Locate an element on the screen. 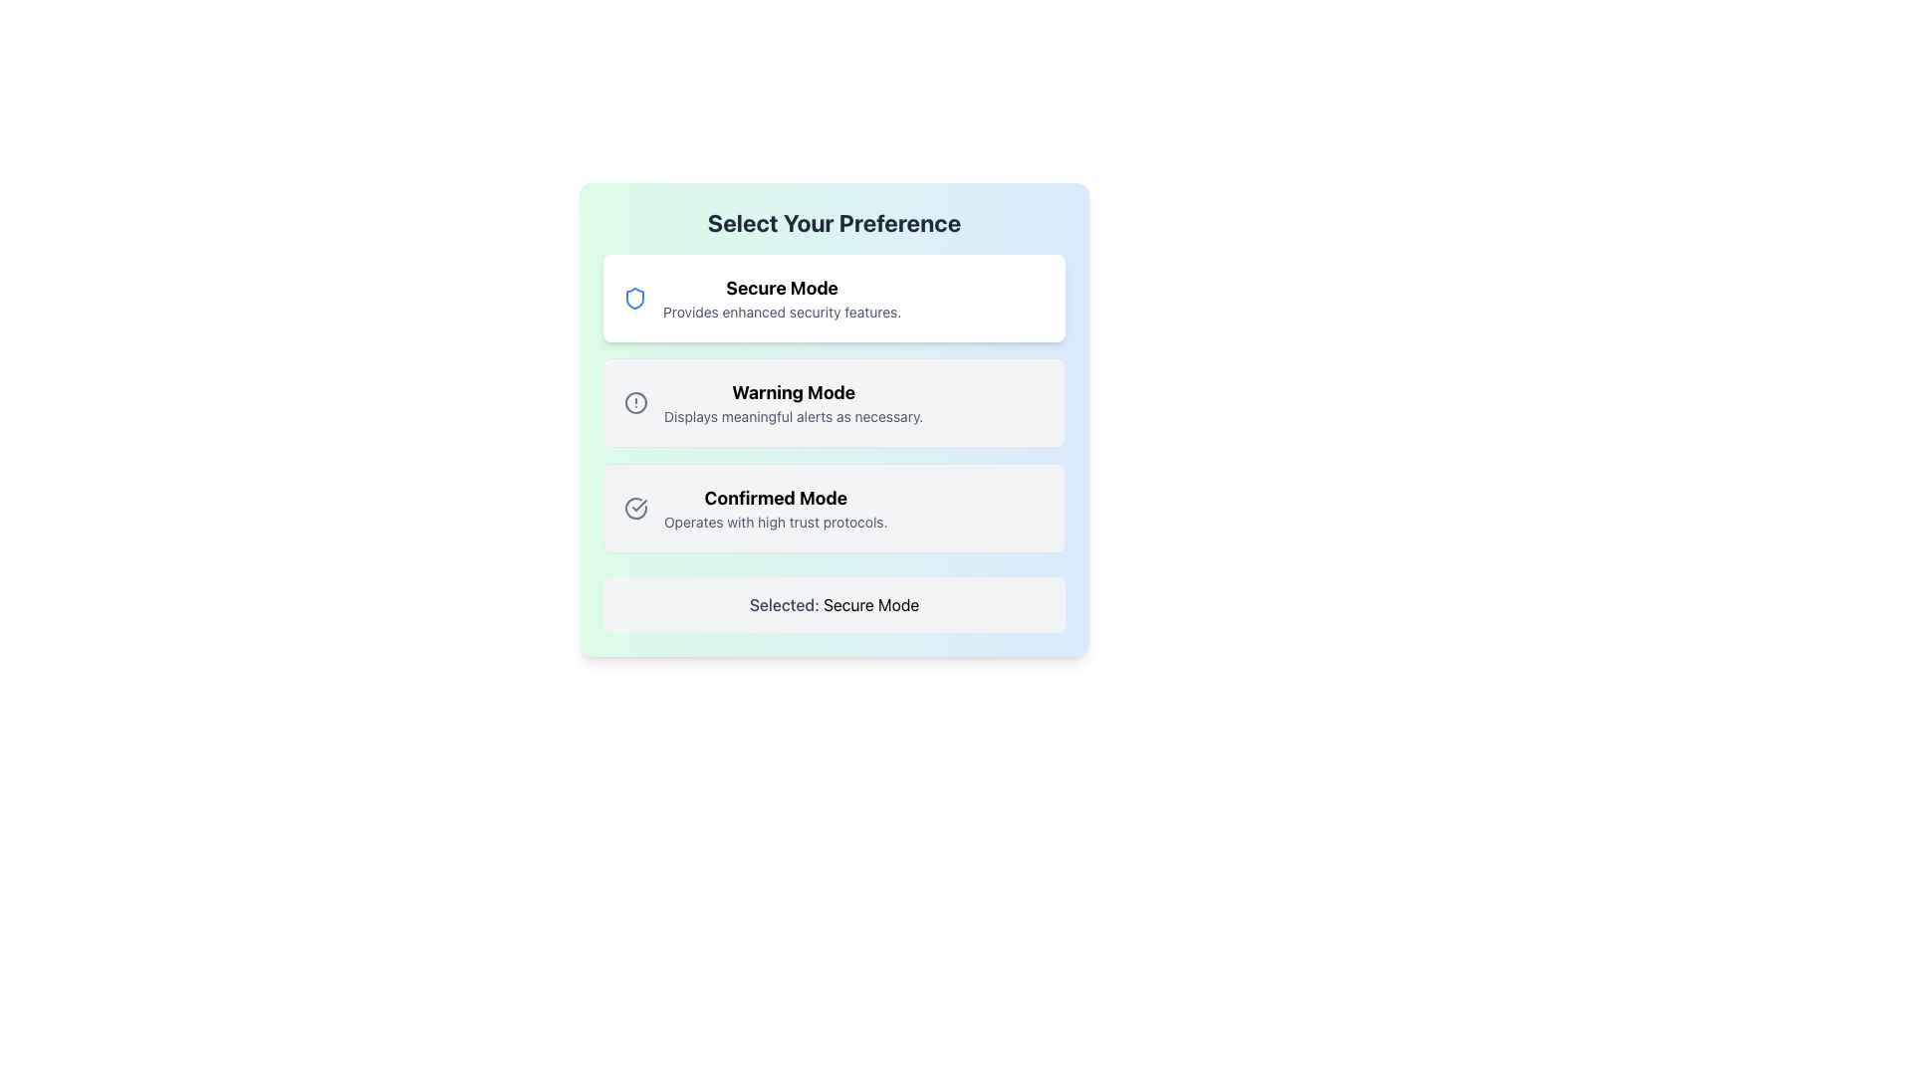 The height and width of the screenshot is (1075, 1912). the 'Warning Mode' icon located in the preference selection menu, which visually indicates alert-related functionality is located at coordinates (634, 403).